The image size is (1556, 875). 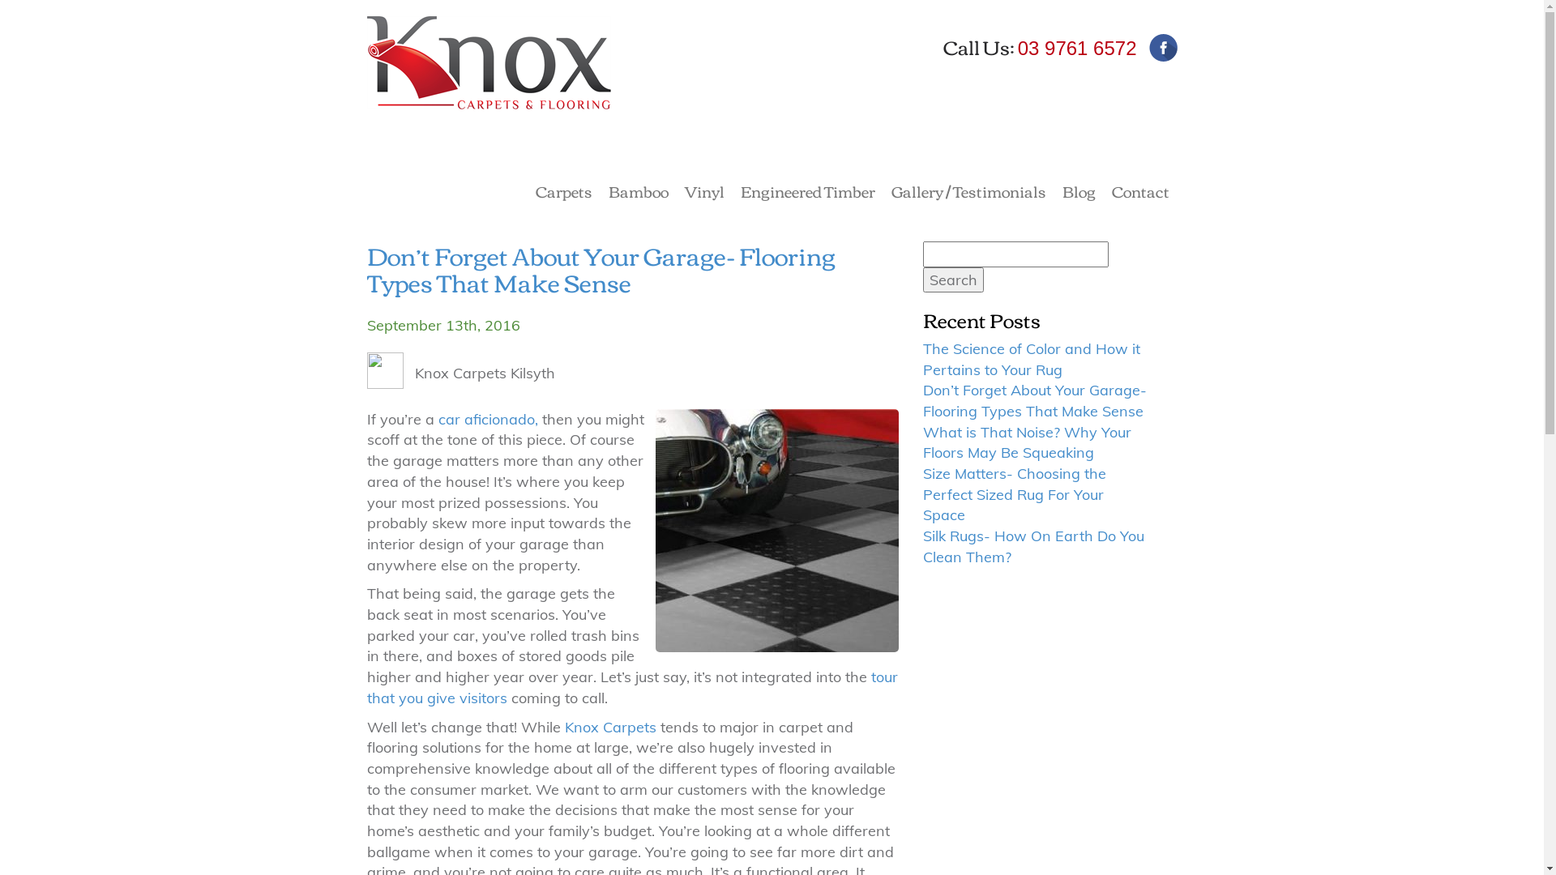 What do you see at coordinates (563, 193) in the screenshot?
I see `'Carpets'` at bounding box center [563, 193].